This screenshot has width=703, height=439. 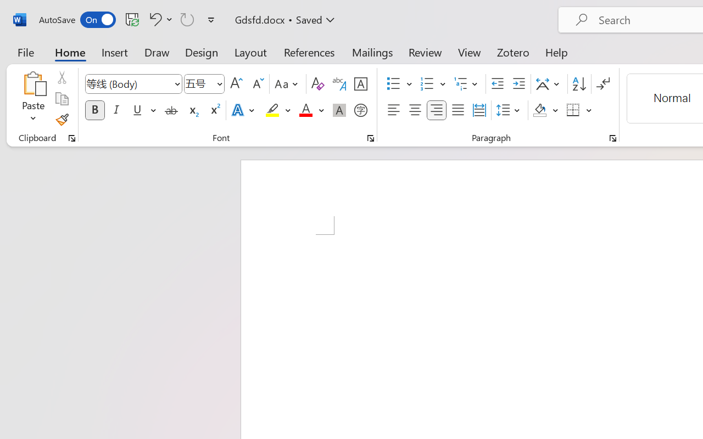 I want to click on 'Enclose Characters...', so click(x=360, y=110).